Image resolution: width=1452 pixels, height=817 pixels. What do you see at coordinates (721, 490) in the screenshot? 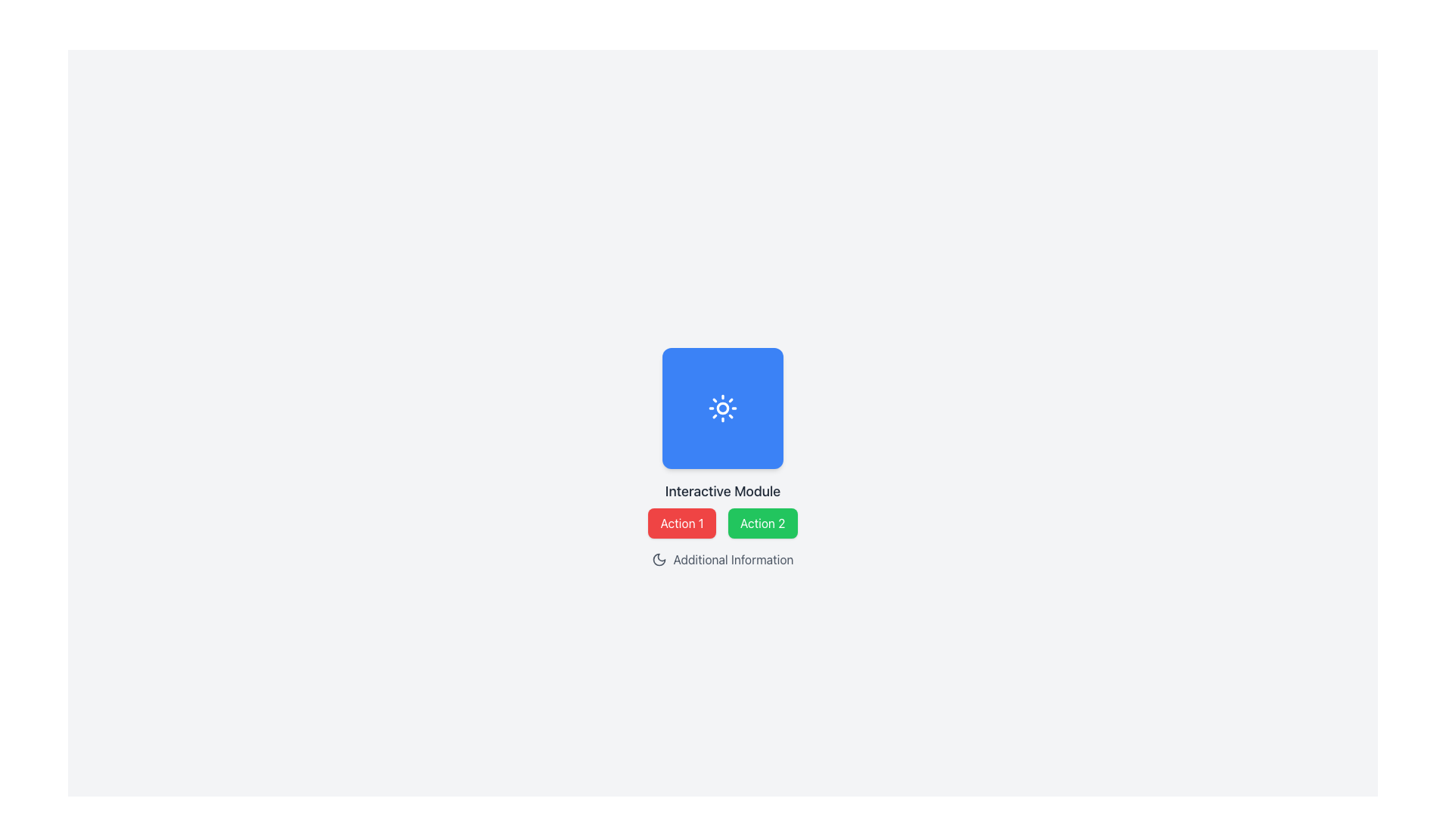
I see `the text label reading 'Interactive Module', which is styled in medium-large bold font and is centrally positioned in the layout, below a blue square icon and above two buttons labeled 'Action 1' and 'Action 2'` at bounding box center [721, 490].